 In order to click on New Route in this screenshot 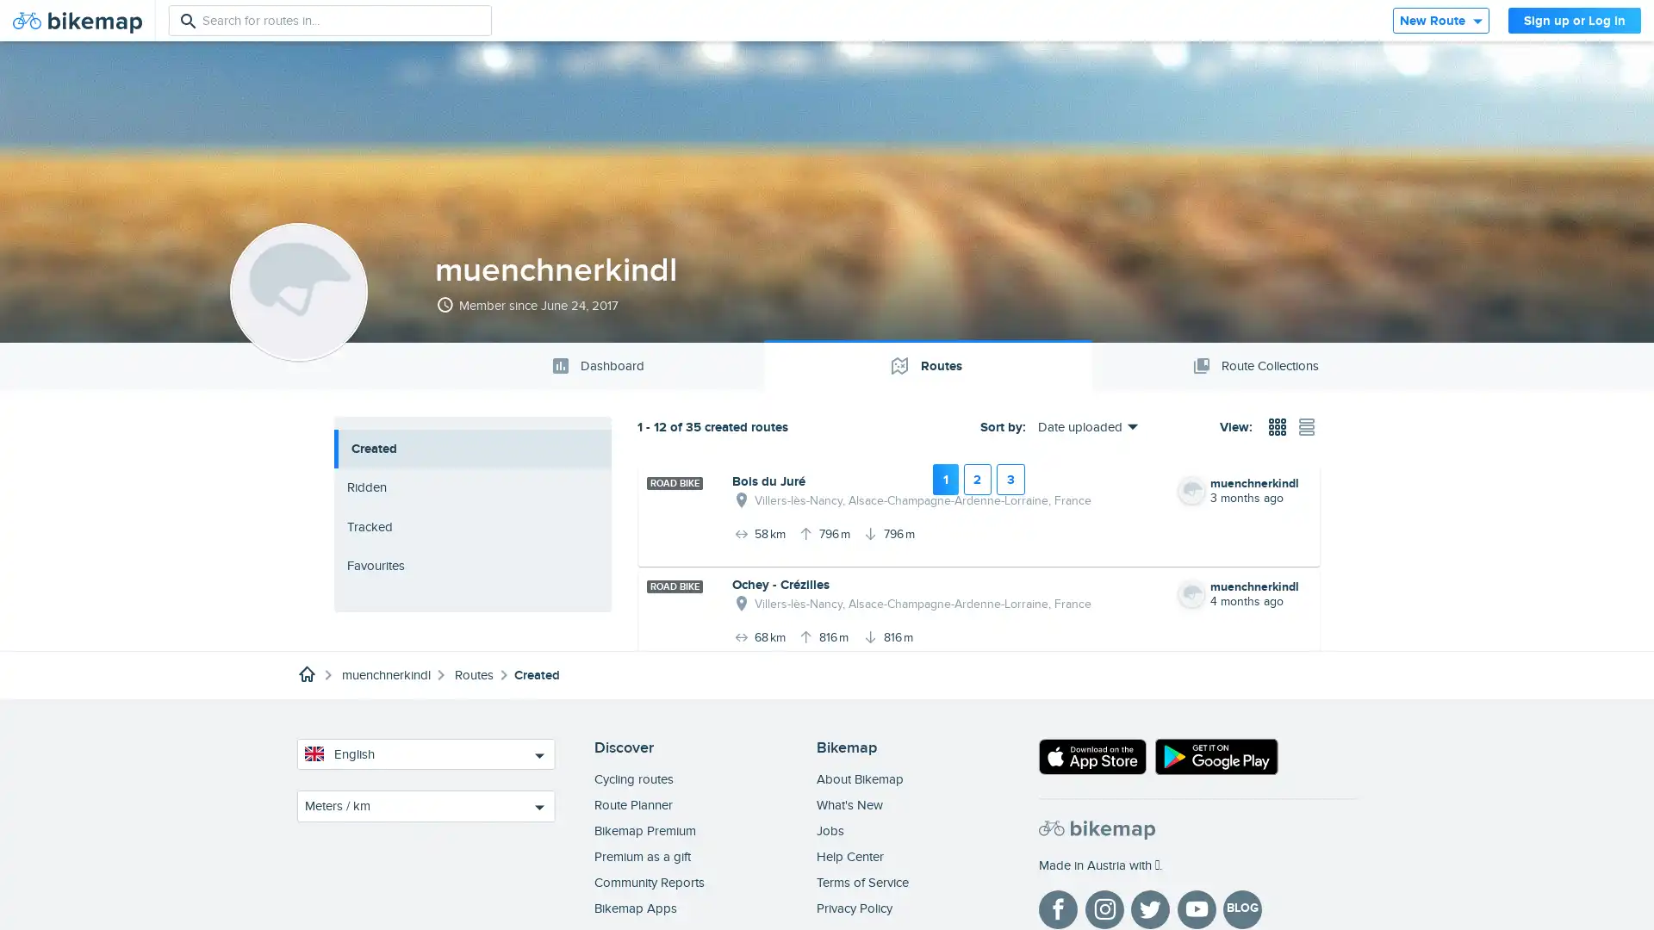, I will do `click(1439, 20)`.